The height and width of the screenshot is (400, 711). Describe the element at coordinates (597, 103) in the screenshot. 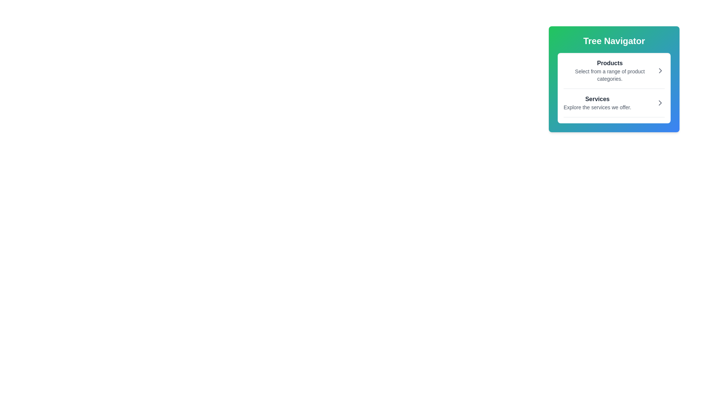

I see `the 'Services' text located in the lower section of the 'Tree Navigator' card` at that location.